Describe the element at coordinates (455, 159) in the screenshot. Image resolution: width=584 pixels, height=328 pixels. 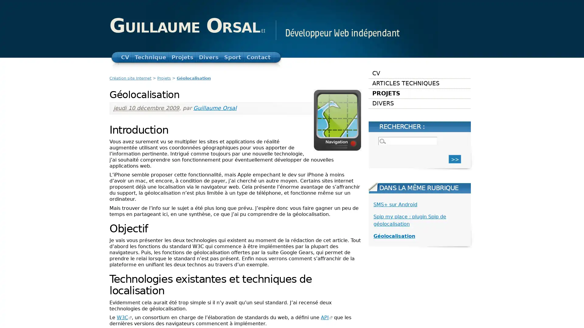
I see `>>` at that location.